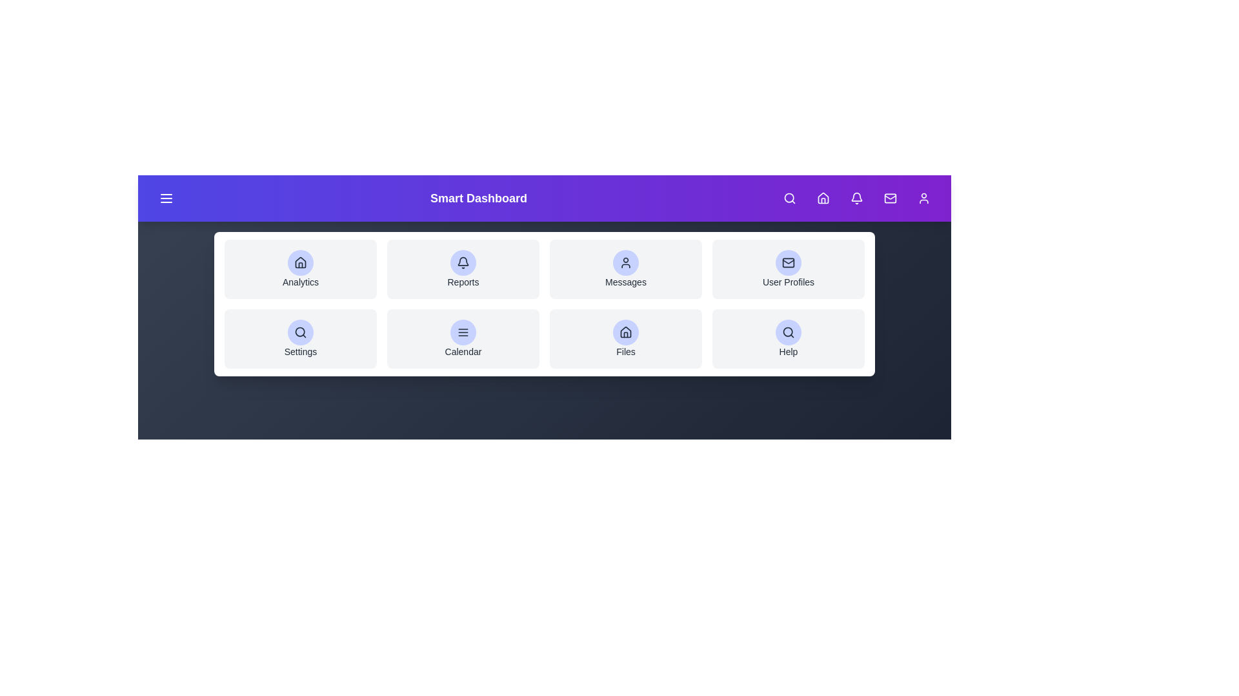  I want to click on menu button to toggle the menu visibility, so click(166, 198).